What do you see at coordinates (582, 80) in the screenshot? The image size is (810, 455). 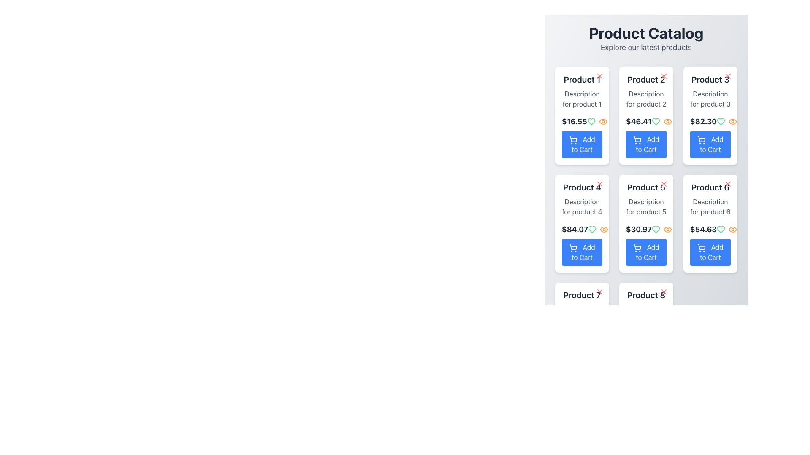 I see `text displayed in the bold title 'Product 1' located at the top of the first card in the grid layout` at bounding box center [582, 80].